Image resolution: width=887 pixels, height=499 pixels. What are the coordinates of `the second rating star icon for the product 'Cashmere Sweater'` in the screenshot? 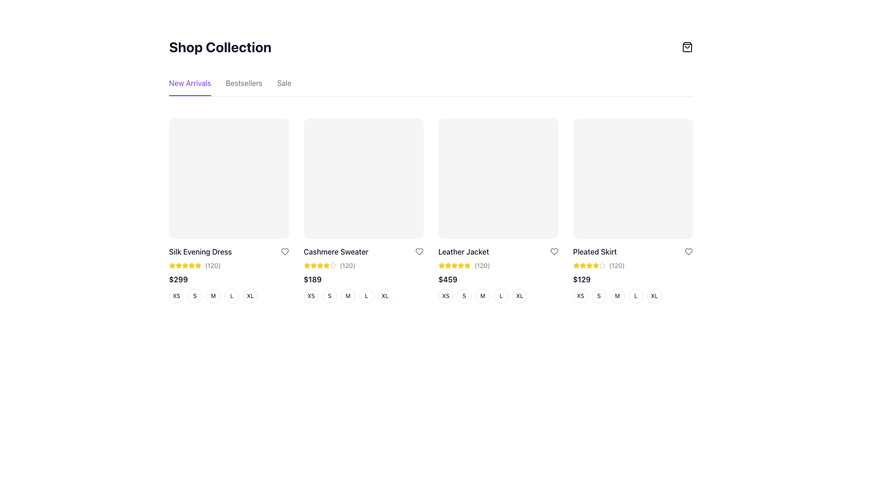 It's located at (333, 265).